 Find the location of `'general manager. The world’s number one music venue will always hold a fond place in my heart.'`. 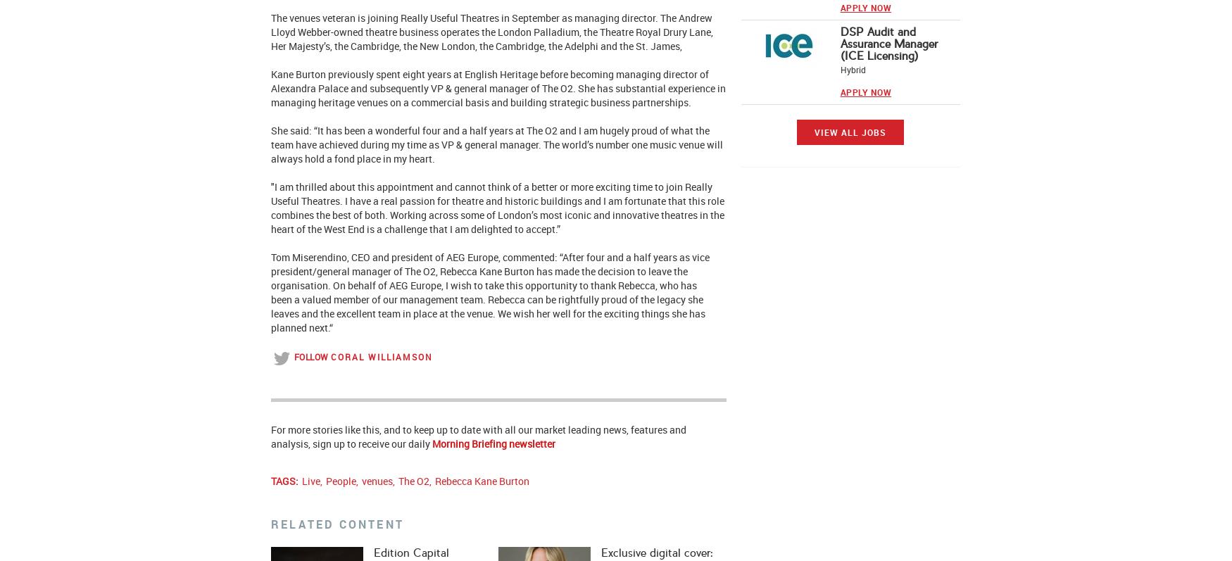

'general manager. The world’s number one music venue will always hold a fond place in my heart.' is located at coordinates (496, 151).